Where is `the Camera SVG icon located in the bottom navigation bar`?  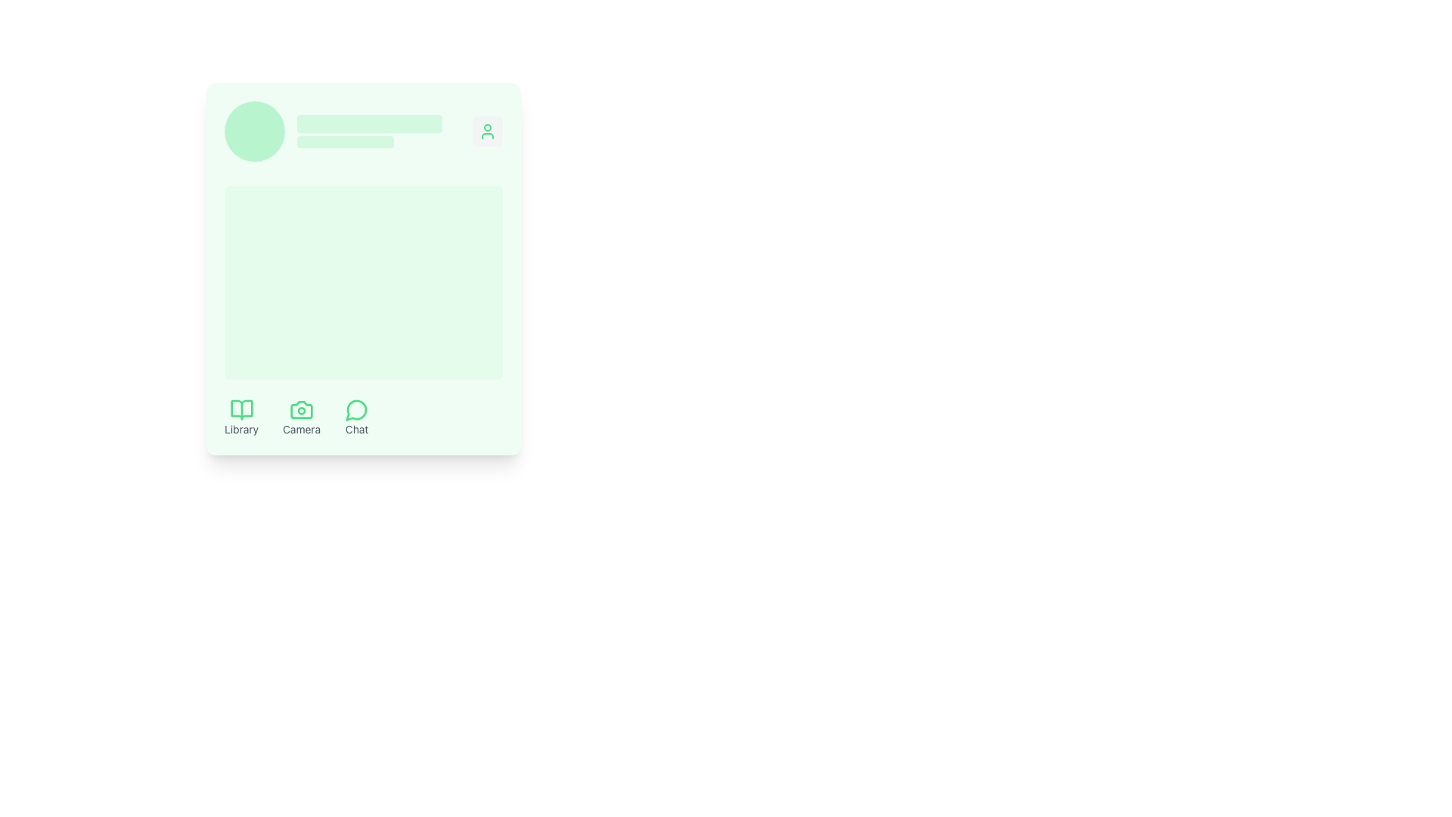 the Camera SVG icon located in the bottom navigation bar is located at coordinates (301, 410).